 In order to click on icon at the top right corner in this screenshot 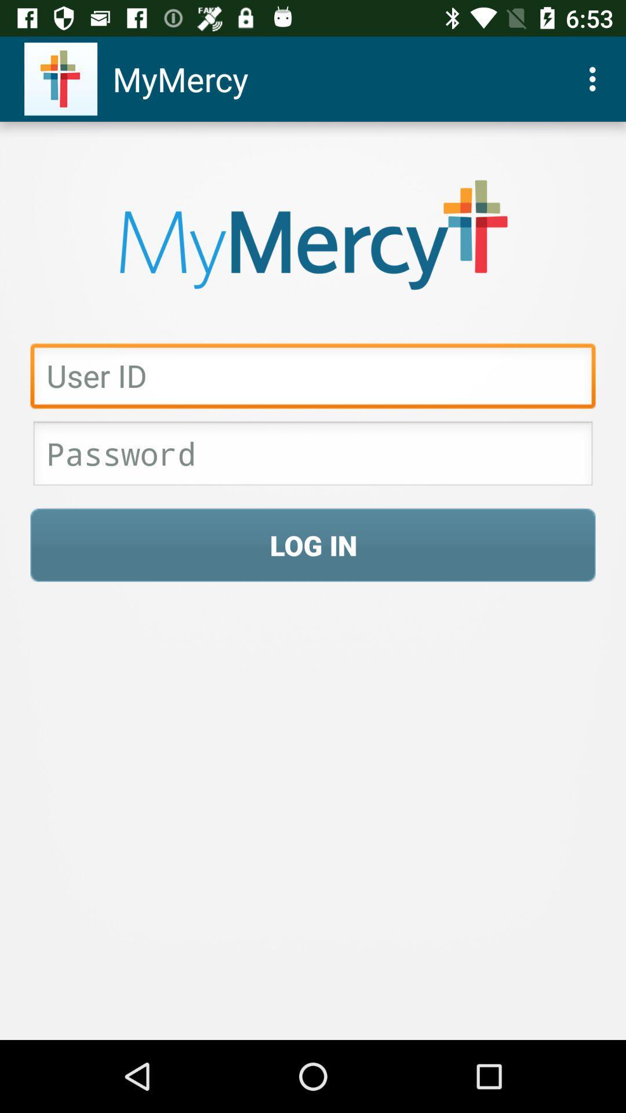, I will do `click(595, 78)`.